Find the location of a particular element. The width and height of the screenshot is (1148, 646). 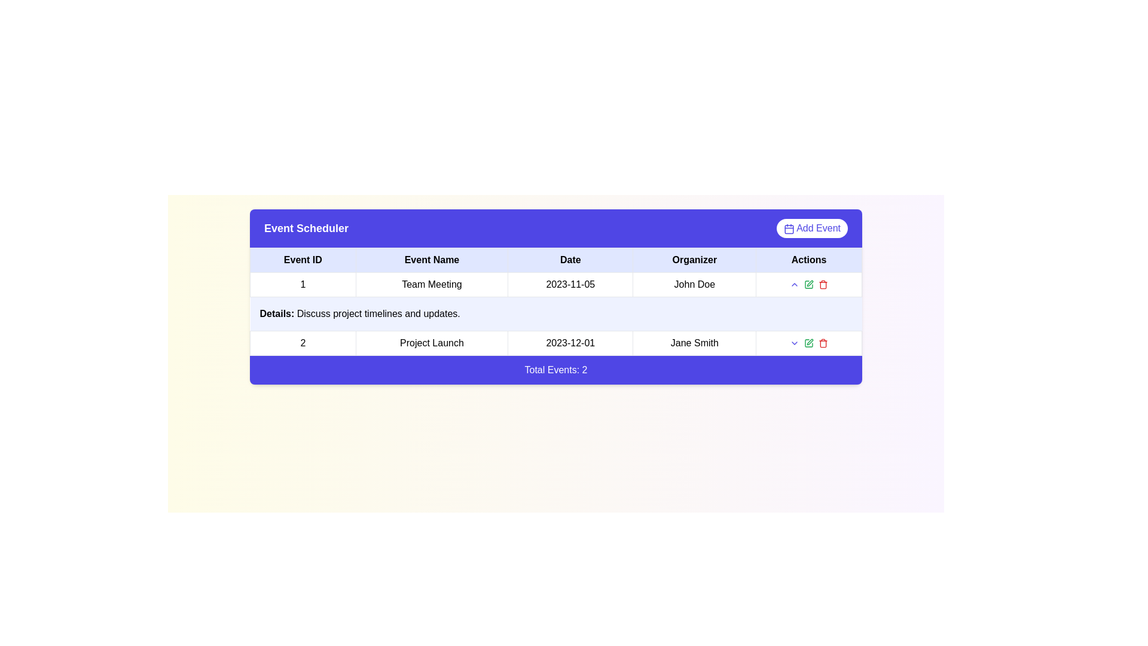

the 'Event Name' text label, which is bold and centered within a light blue rectangular cell in the header row of a table is located at coordinates (431, 260).